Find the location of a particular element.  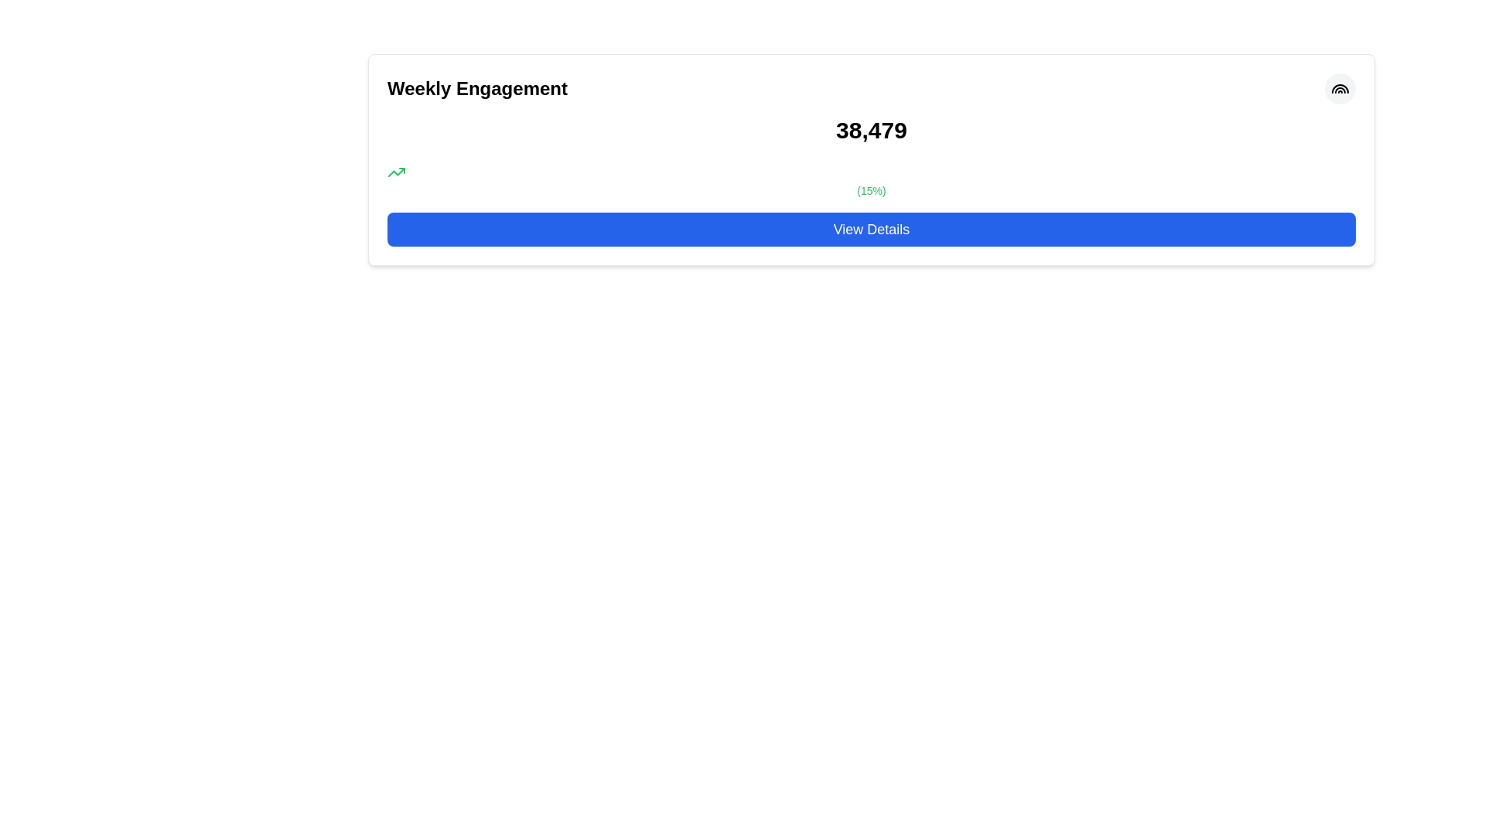

the green line segment of the upward trend arrow located in the center-right area of the statistics panel is located at coordinates (397, 172).